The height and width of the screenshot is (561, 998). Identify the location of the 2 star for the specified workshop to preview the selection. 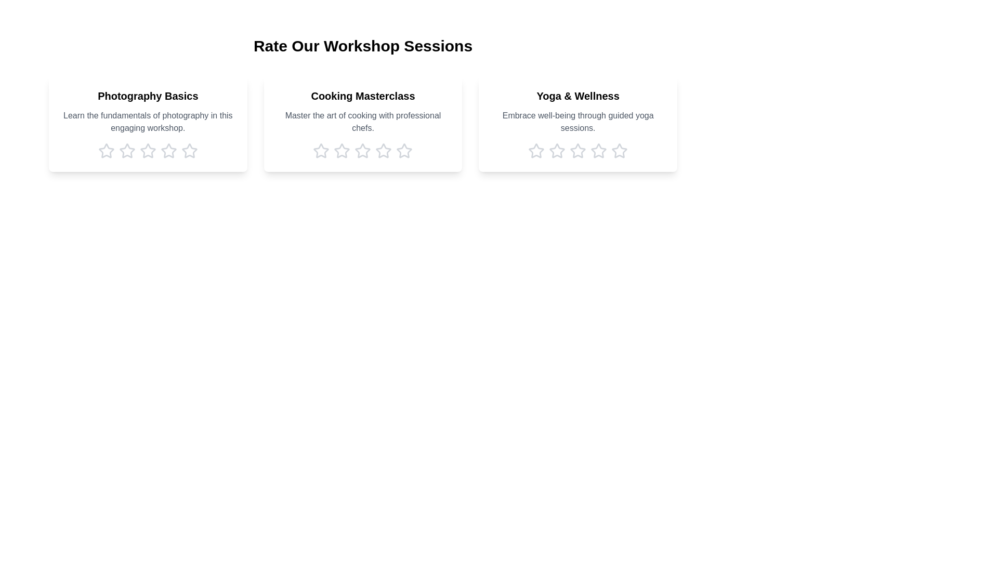
(126, 151).